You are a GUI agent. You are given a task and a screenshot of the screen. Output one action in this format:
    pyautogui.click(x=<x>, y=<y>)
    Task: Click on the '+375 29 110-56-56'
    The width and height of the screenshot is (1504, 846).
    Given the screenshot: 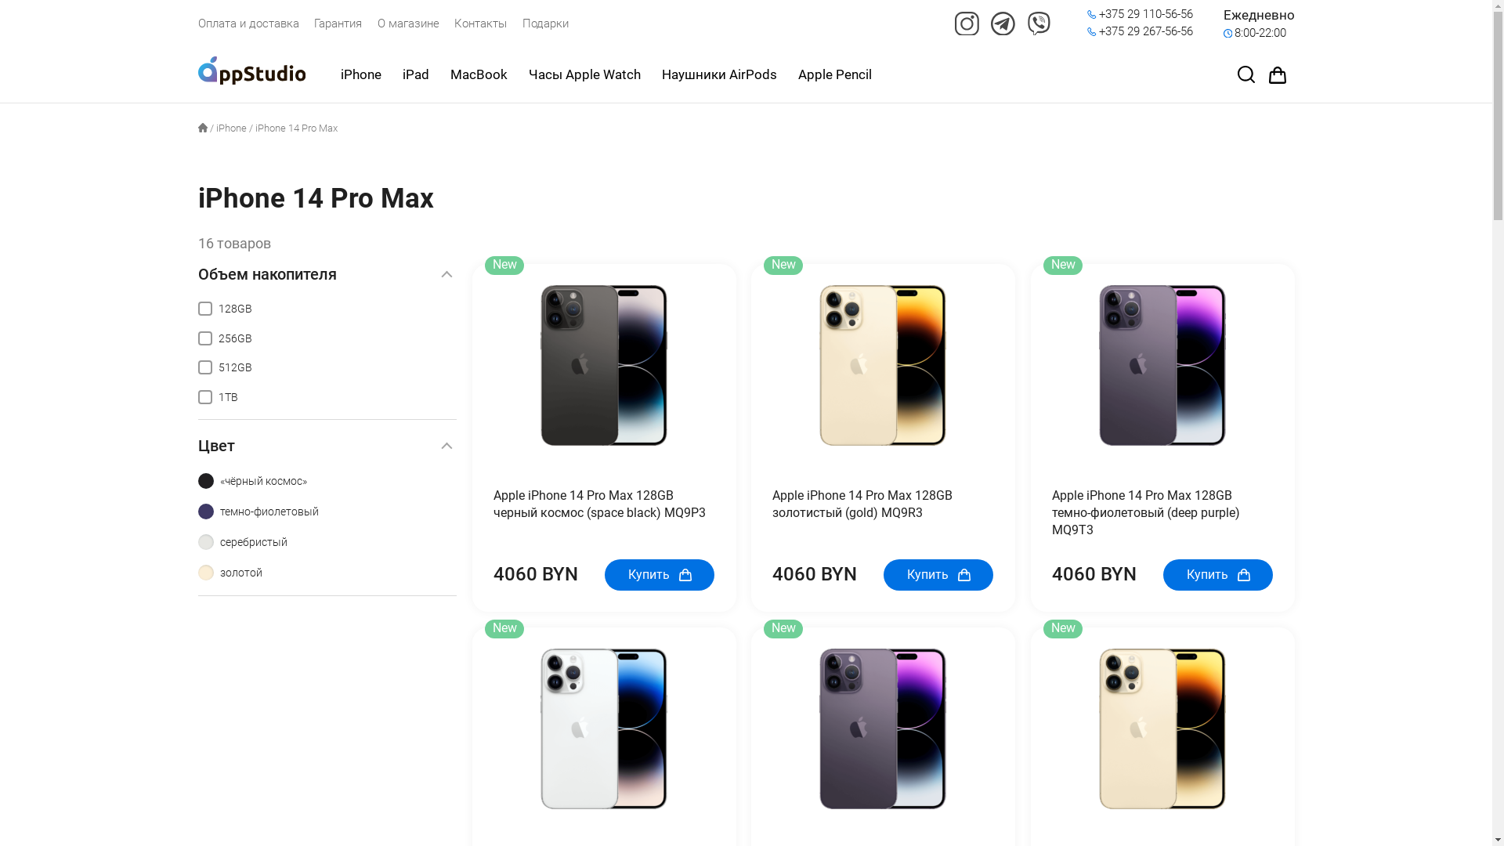 What is the action you would take?
    pyautogui.click(x=1146, y=15)
    